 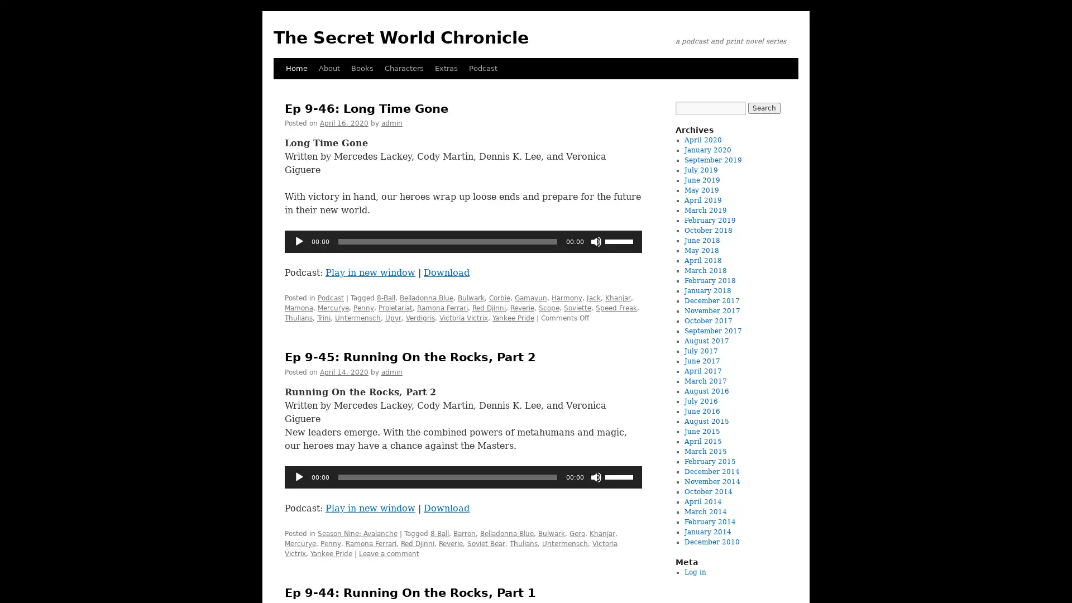 What do you see at coordinates (595, 241) in the screenshot?
I see `Mute` at bounding box center [595, 241].